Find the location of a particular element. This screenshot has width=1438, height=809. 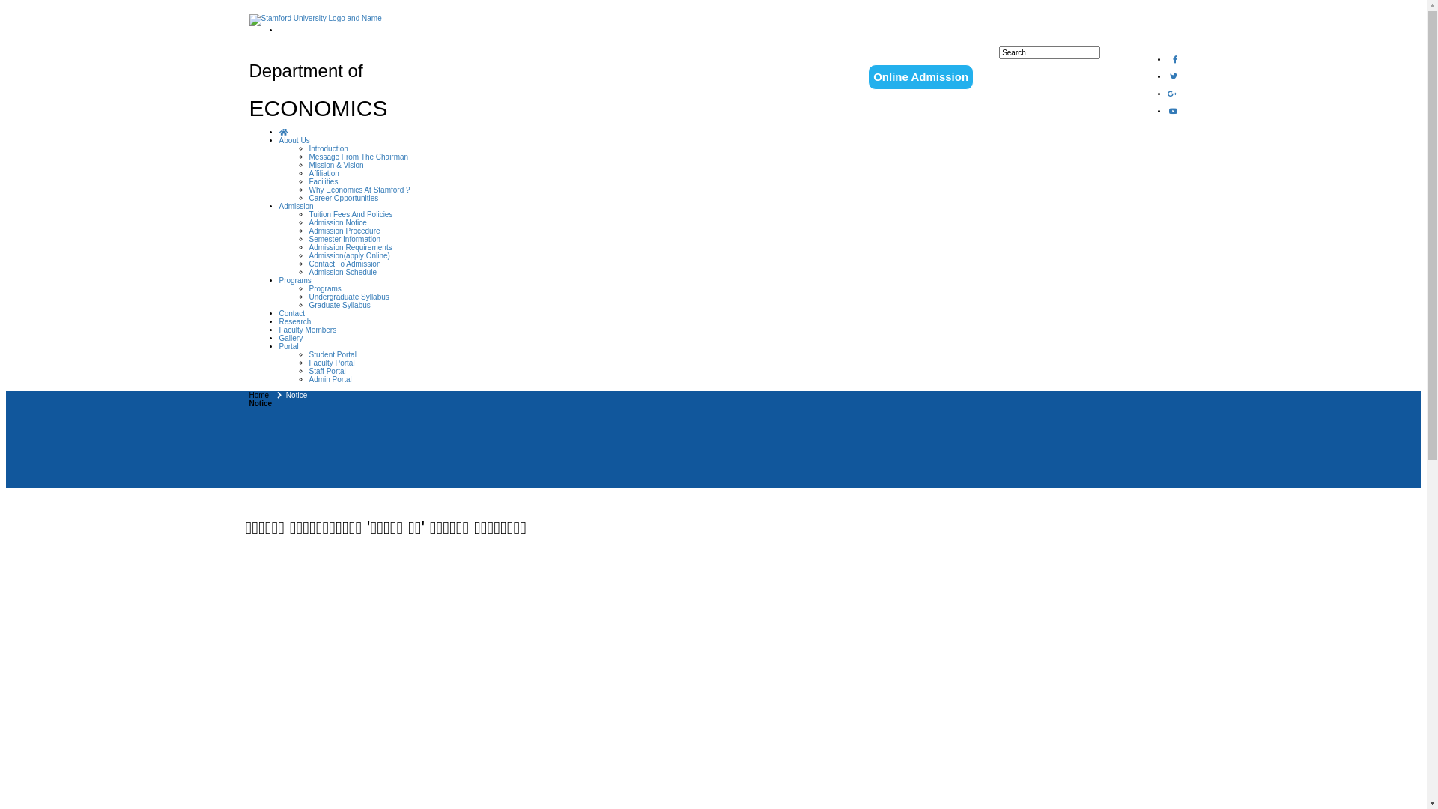

'Online Admission' is located at coordinates (920, 76).